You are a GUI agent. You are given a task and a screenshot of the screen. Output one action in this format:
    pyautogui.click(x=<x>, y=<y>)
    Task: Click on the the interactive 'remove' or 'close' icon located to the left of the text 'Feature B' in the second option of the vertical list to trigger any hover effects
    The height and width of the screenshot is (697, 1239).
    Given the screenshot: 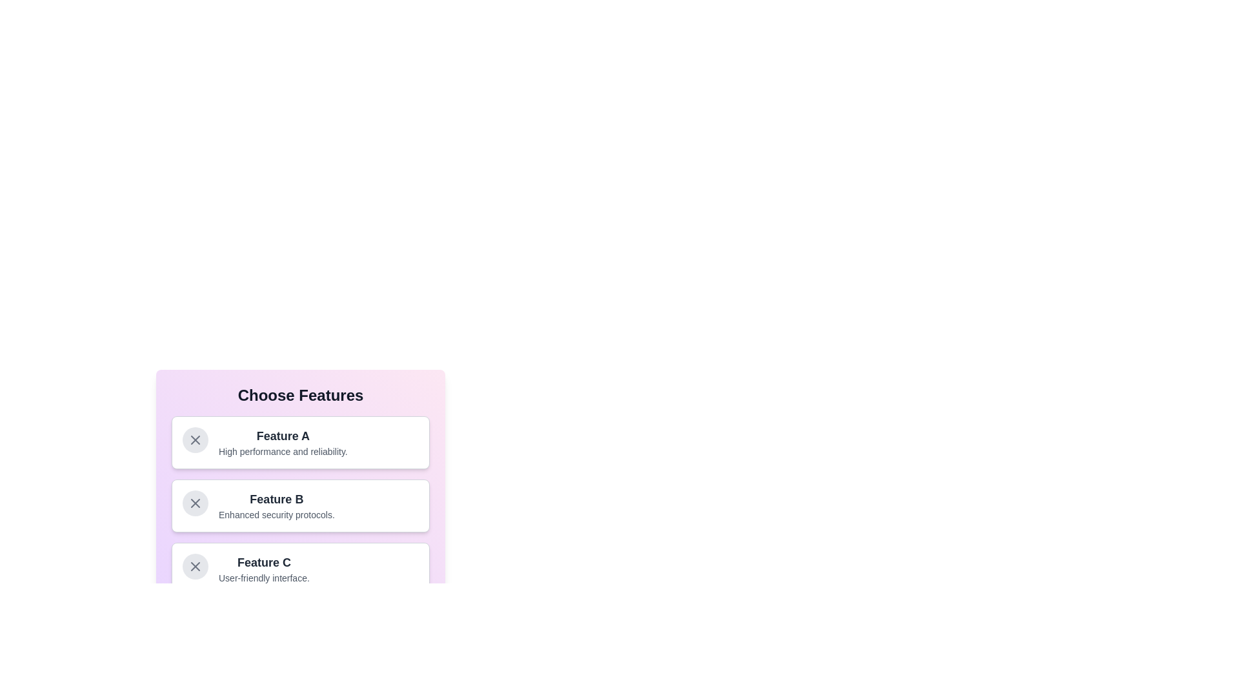 What is the action you would take?
    pyautogui.click(x=194, y=502)
    